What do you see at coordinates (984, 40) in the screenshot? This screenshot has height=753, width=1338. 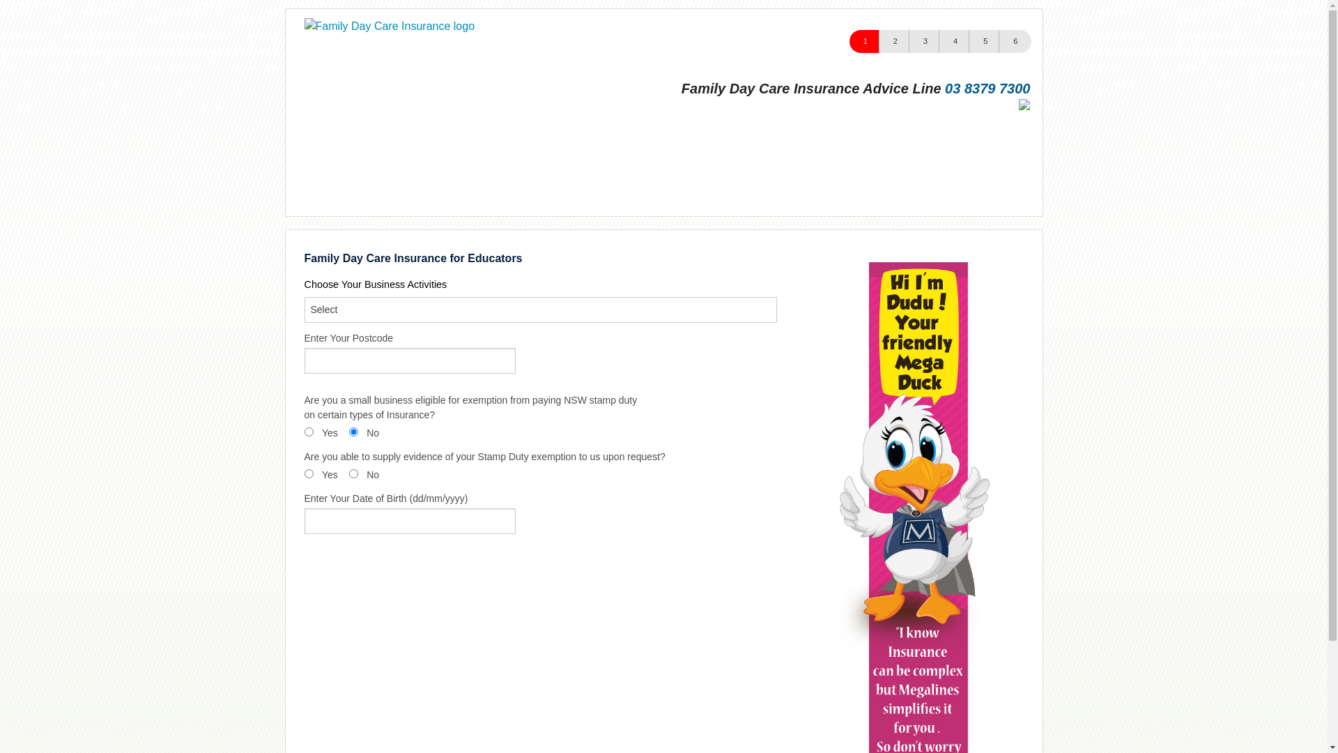 I see `'5'` at bounding box center [984, 40].